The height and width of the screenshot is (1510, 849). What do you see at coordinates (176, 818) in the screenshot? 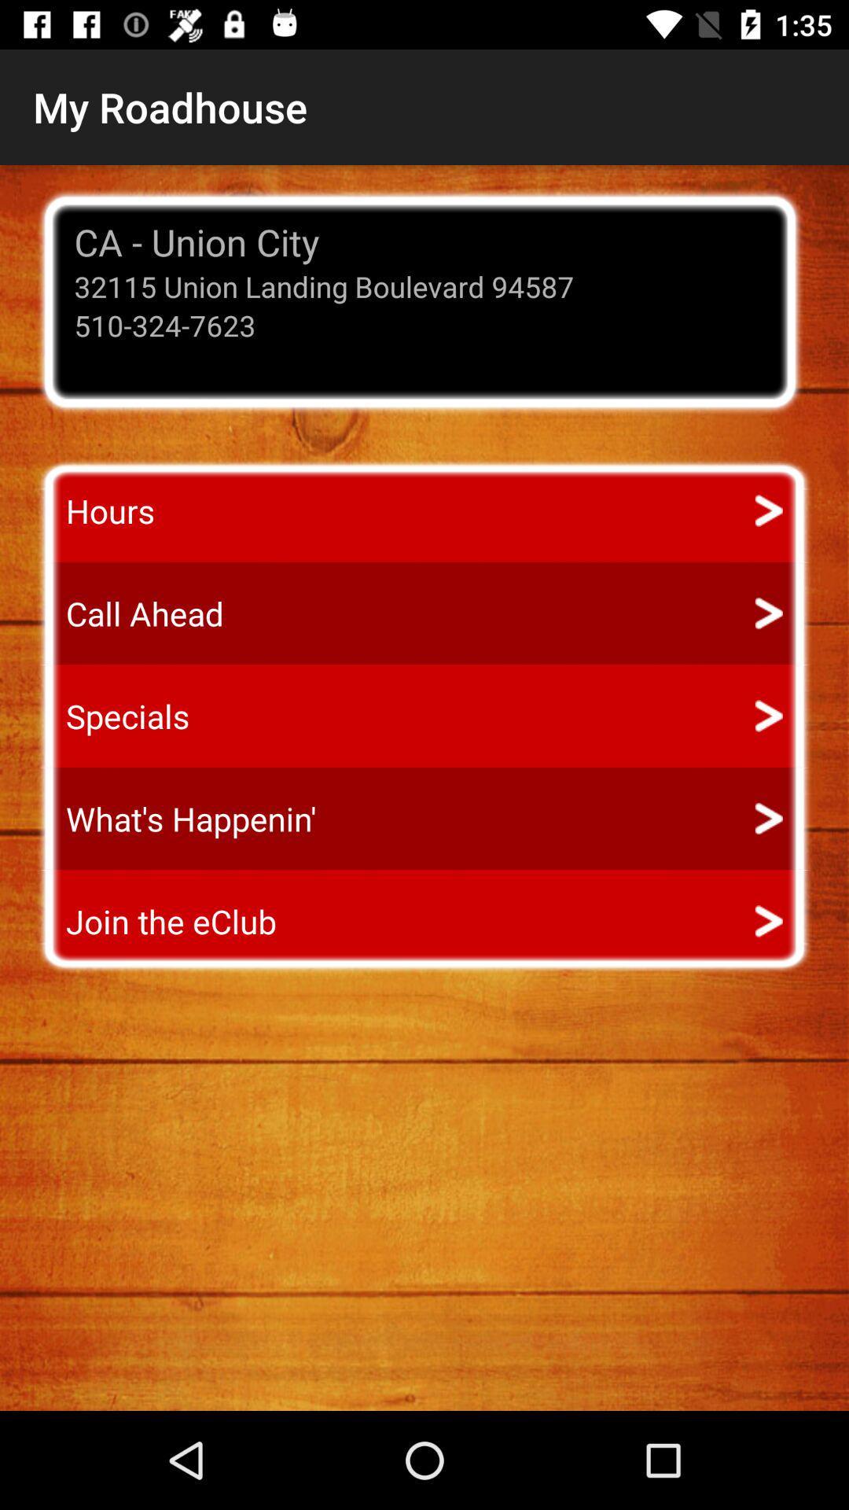
I see `item above join the eclub icon` at bounding box center [176, 818].